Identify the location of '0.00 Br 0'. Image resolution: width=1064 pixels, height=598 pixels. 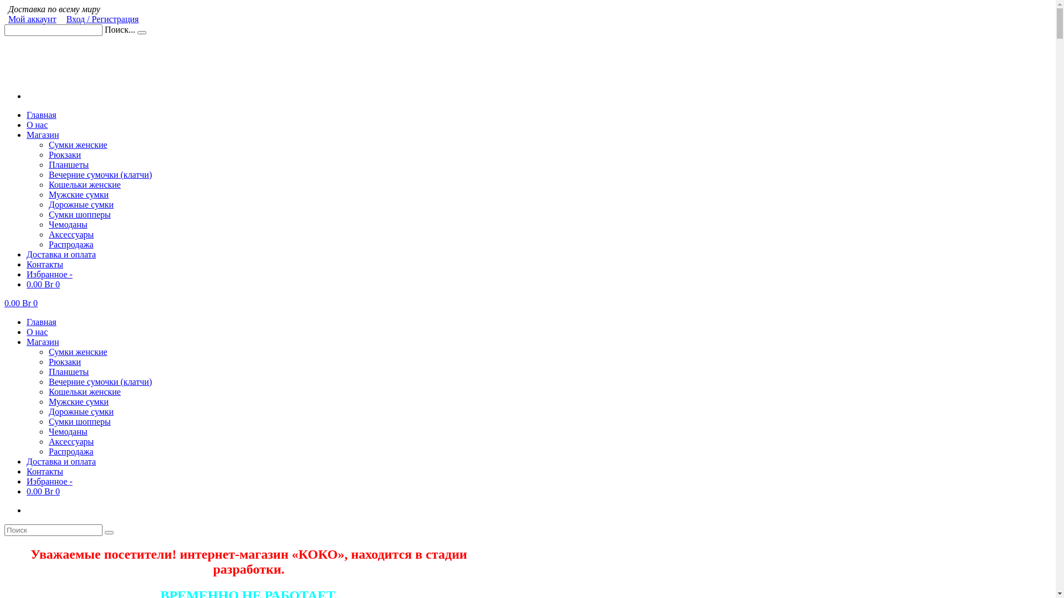
(43, 491).